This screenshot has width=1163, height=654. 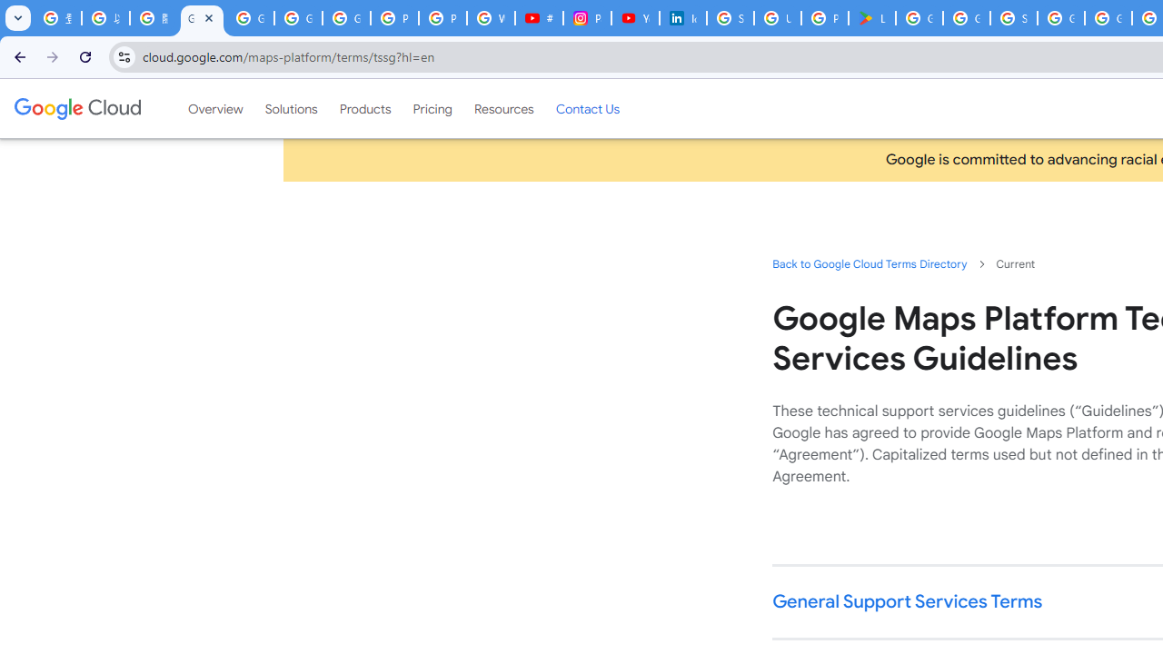 What do you see at coordinates (393, 18) in the screenshot?
I see `'Privacy Help Center - Policies Help'` at bounding box center [393, 18].